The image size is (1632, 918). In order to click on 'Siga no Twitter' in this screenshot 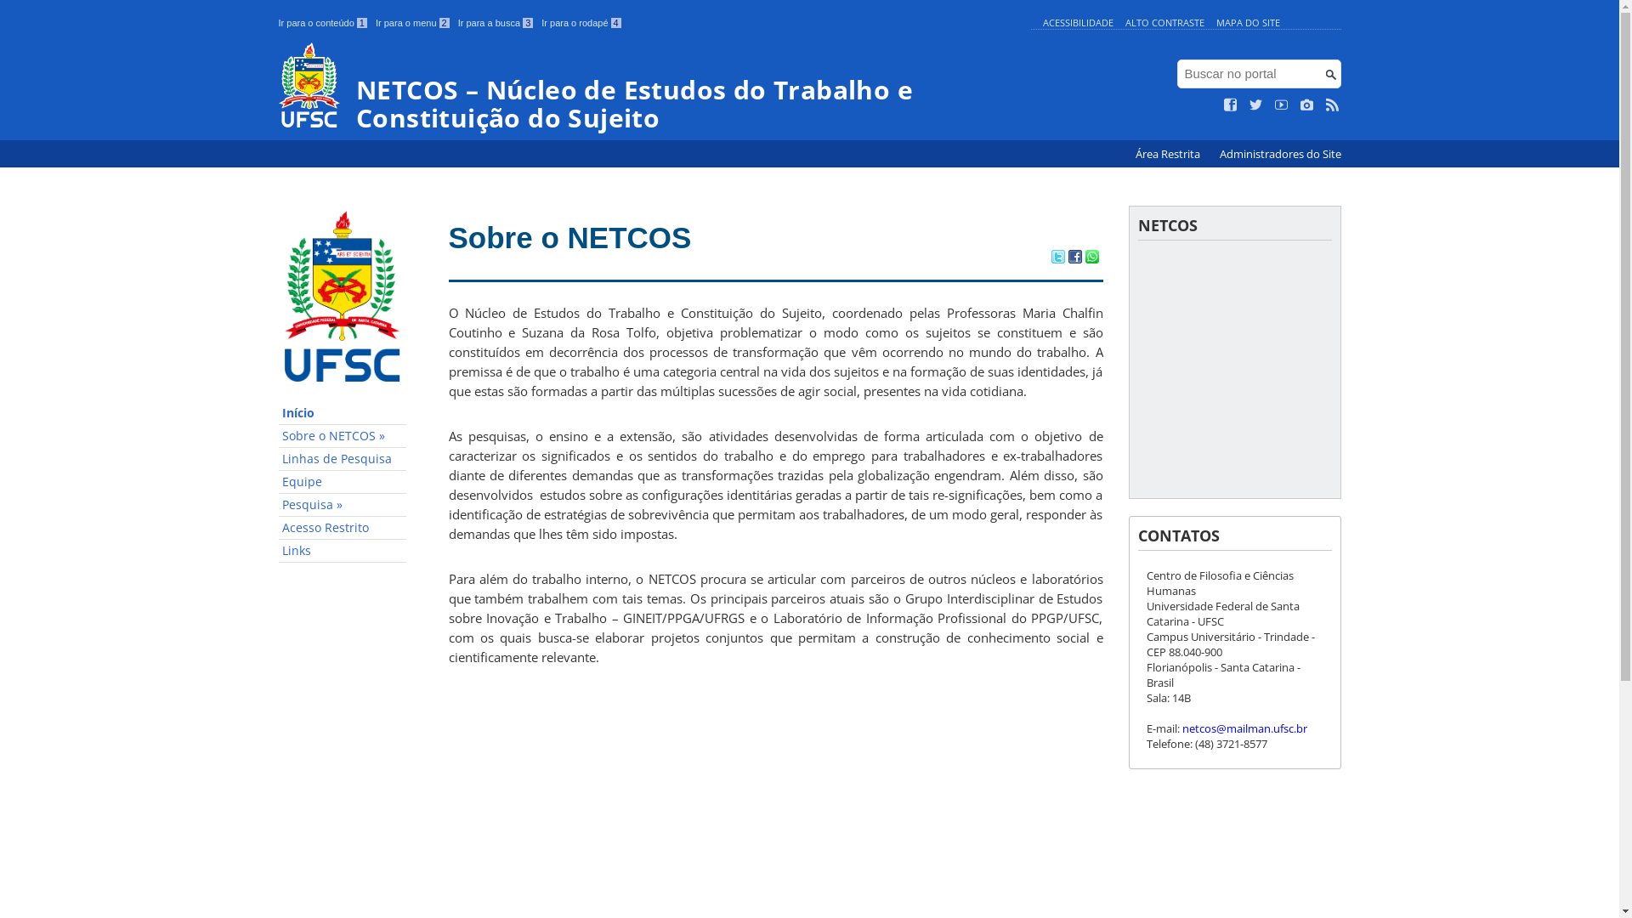, I will do `click(1256, 105)`.